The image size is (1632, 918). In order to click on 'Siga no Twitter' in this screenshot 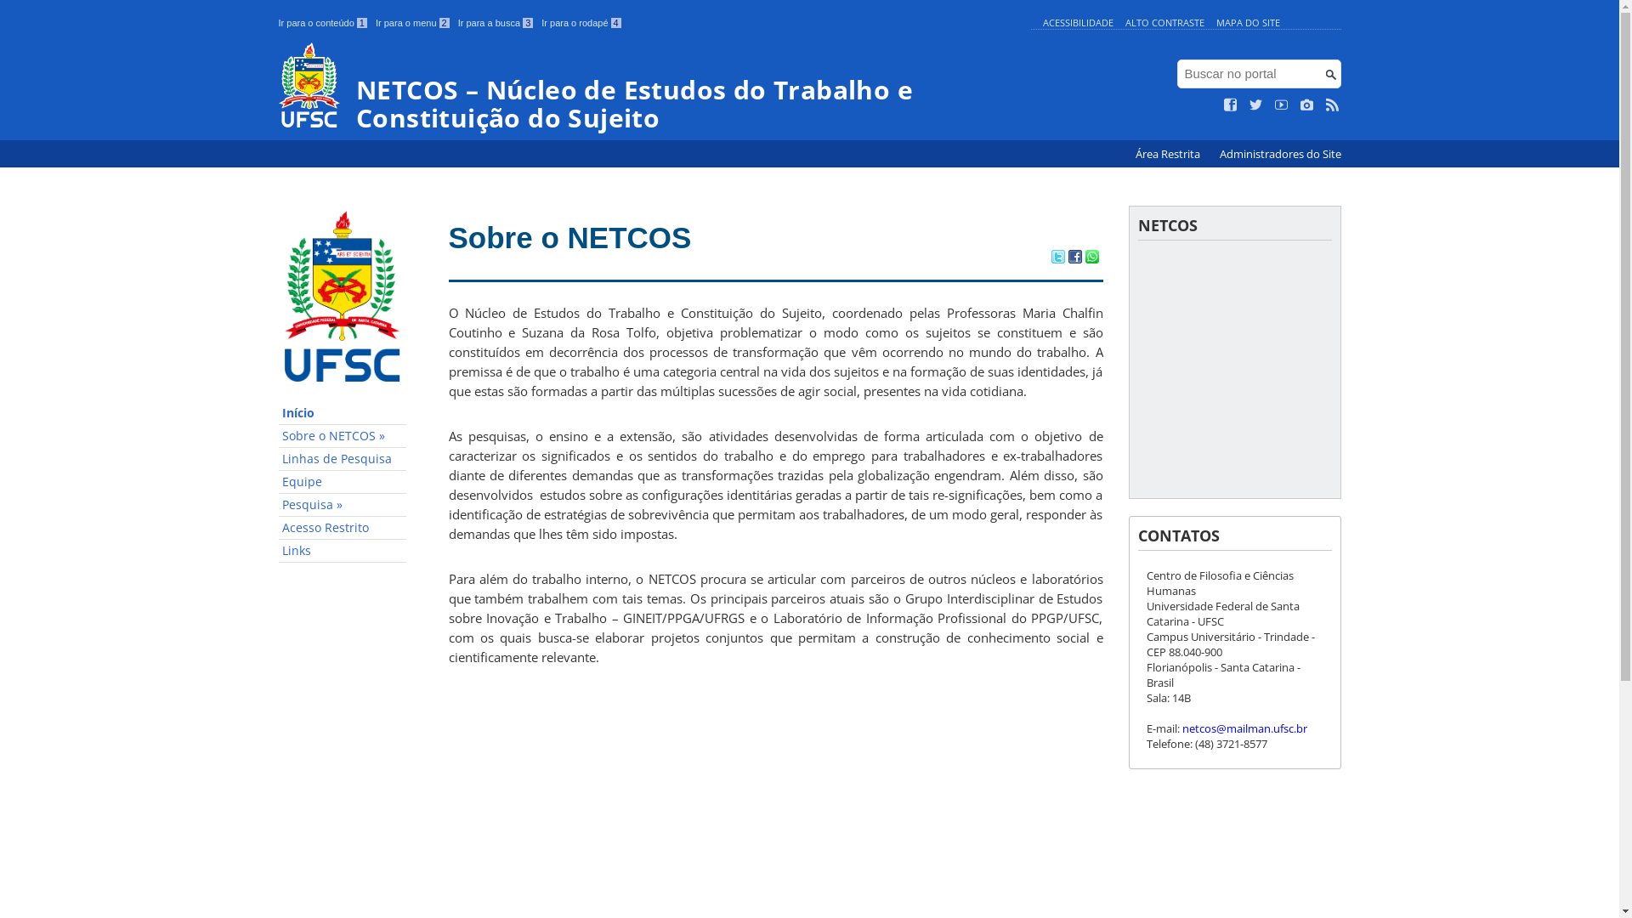, I will do `click(1256, 105)`.